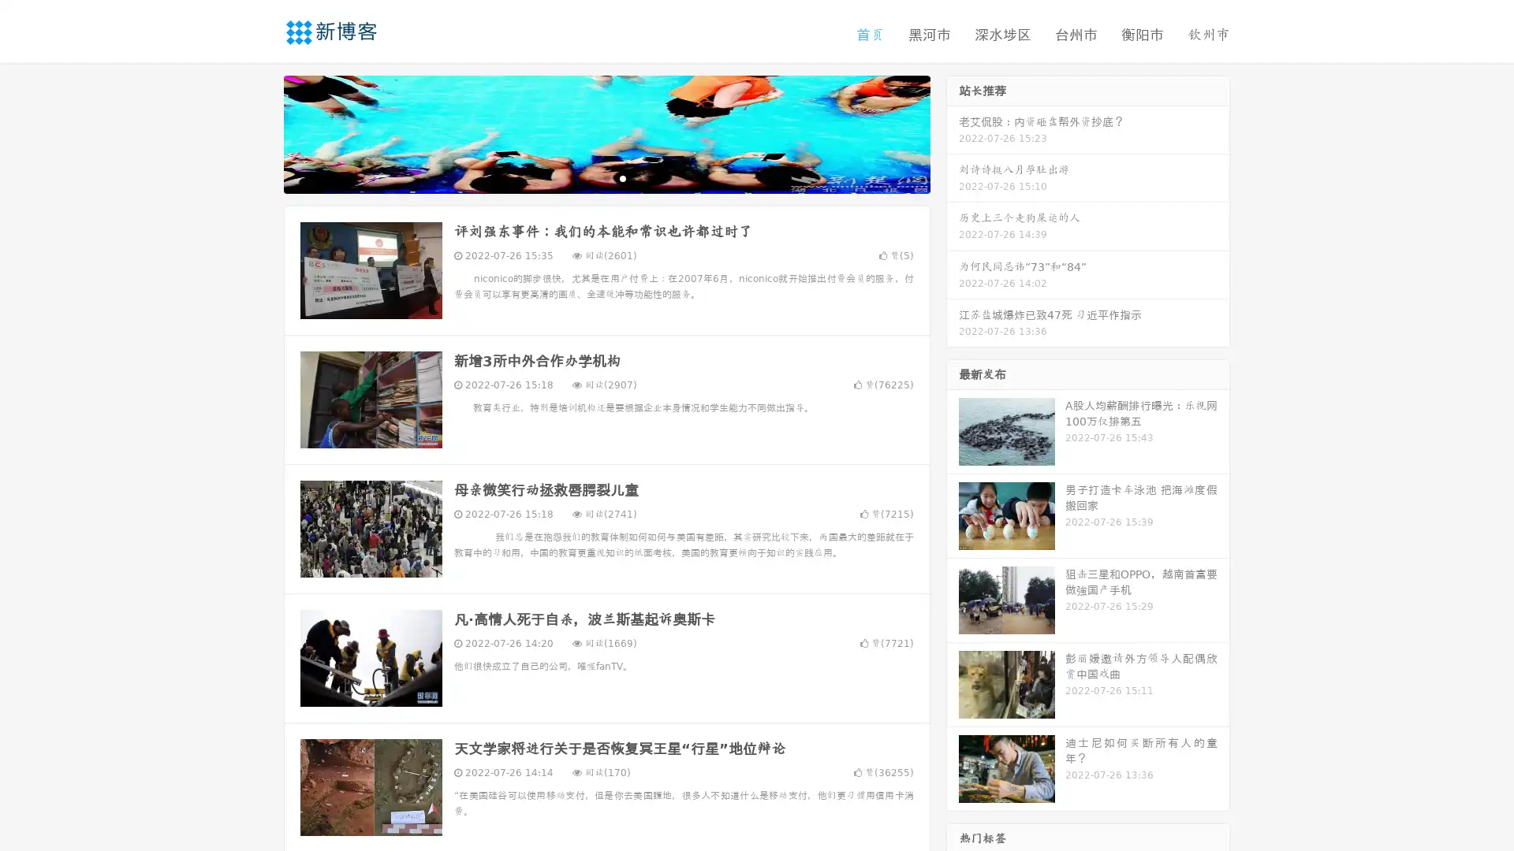 The height and width of the screenshot is (851, 1514). Describe the element at coordinates (622, 177) in the screenshot. I see `Go to slide 3` at that location.